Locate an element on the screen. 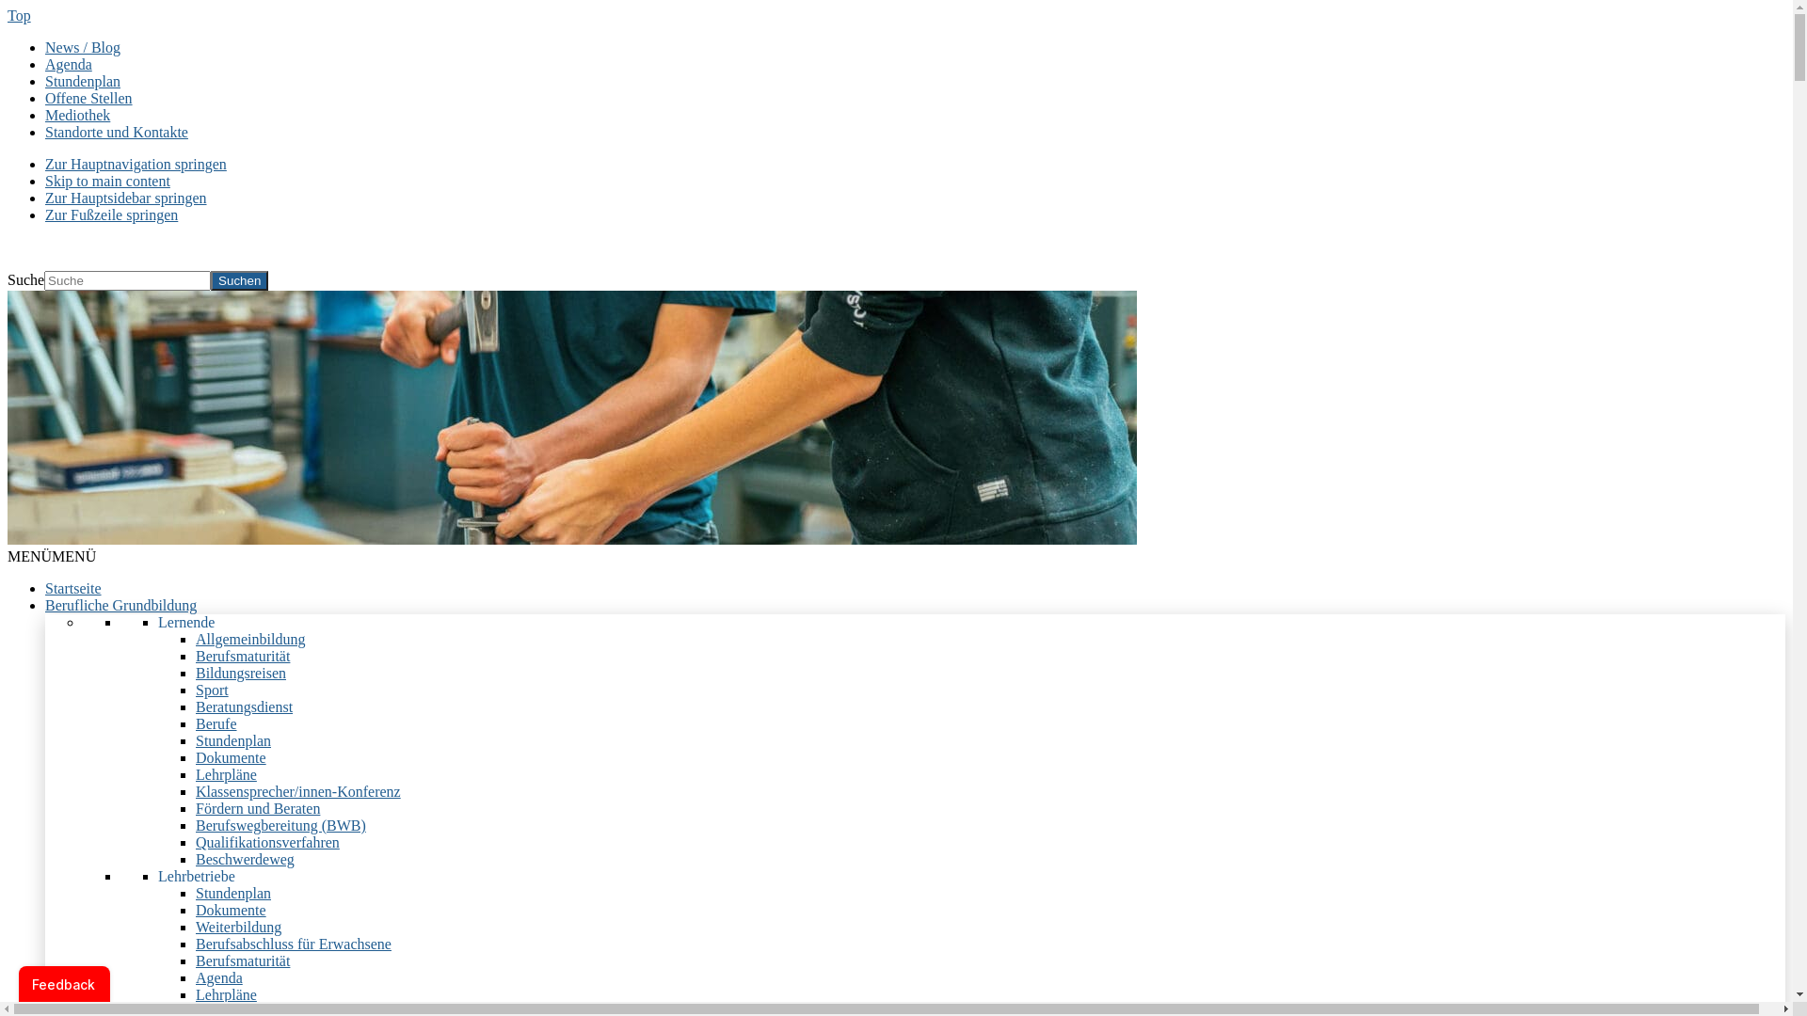 Image resolution: width=1807 pixels, height=1016 pixels. 'Skip to main content' is located at coordinates (106, 181).